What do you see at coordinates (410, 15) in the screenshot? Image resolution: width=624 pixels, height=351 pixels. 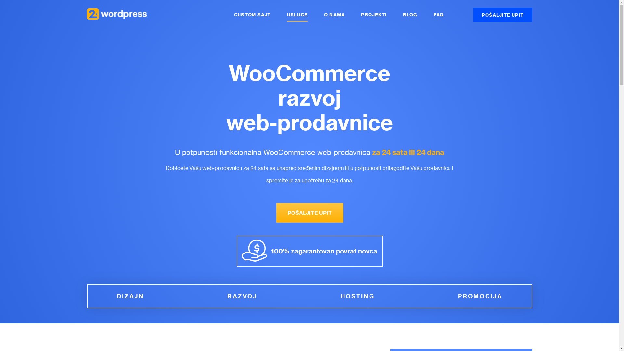 I see `'BLOG'` at bounding box center [410, 15].